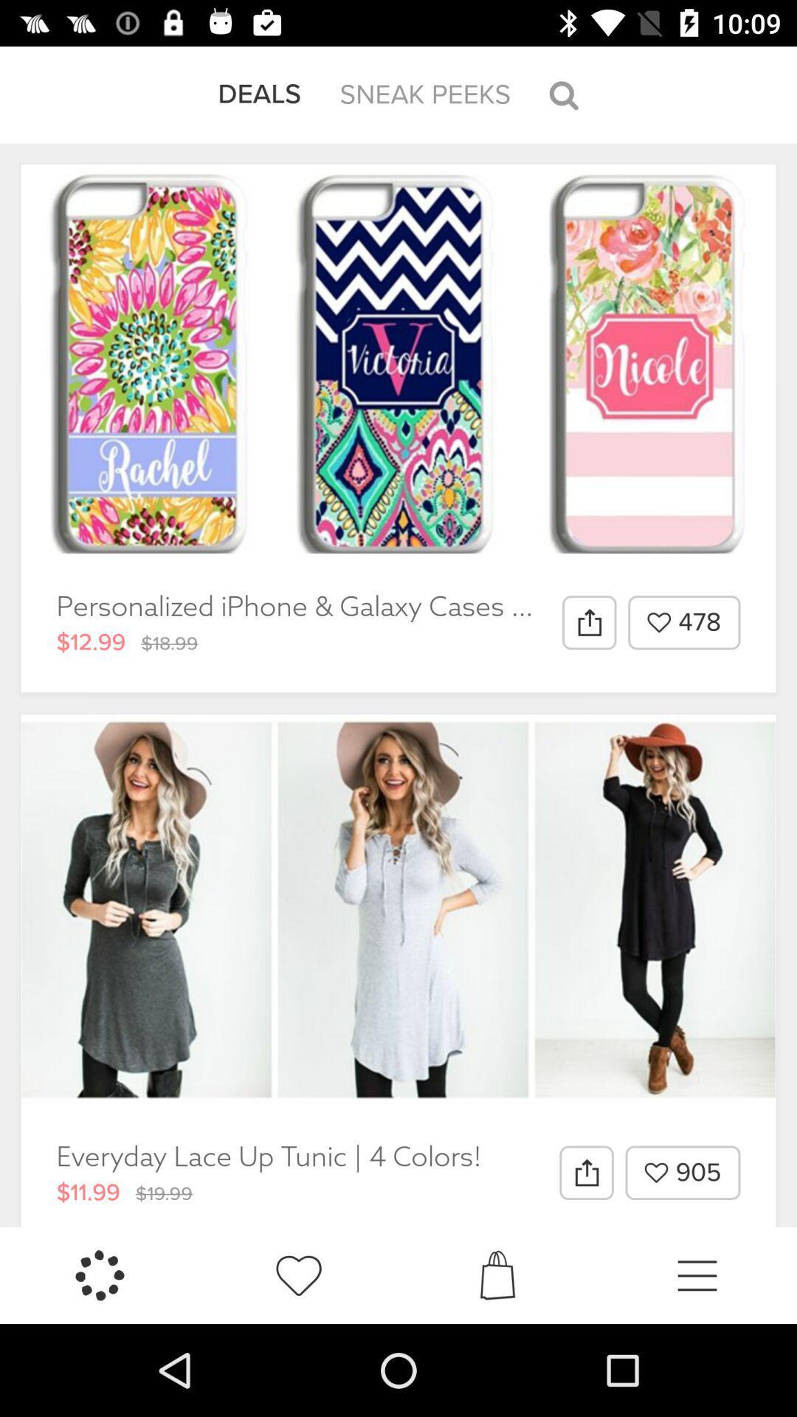  I want to click on the item to the right of everyday lace up item, so click(585, 1172).